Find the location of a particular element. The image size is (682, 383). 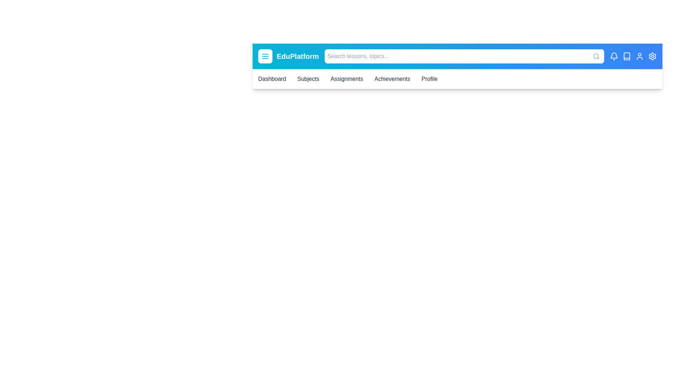

the element search_bar to reveal its hover effect is located at coordinates (464, 56).